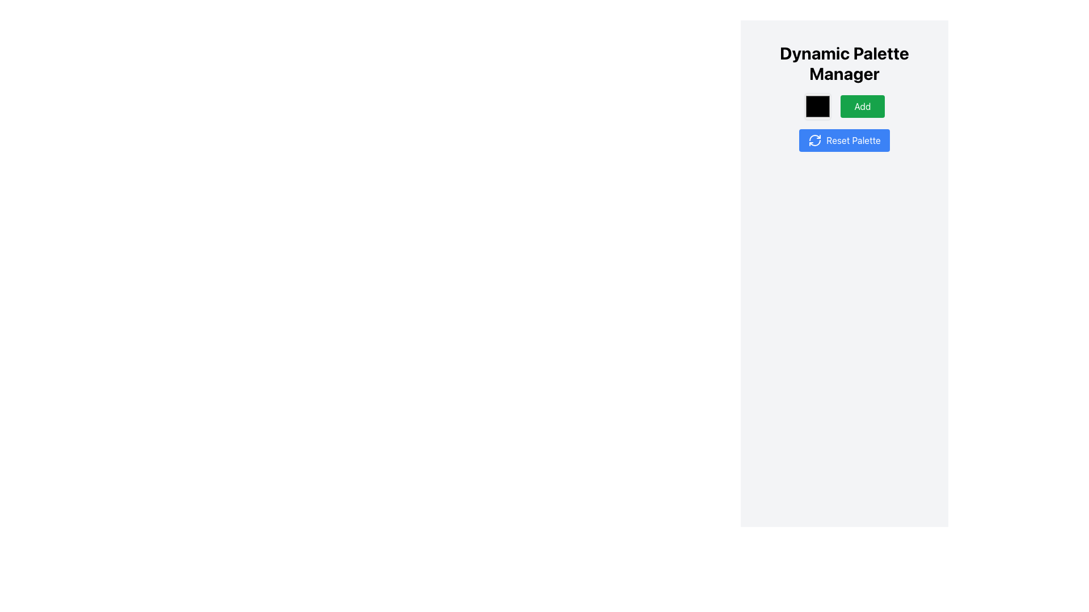 This screenshot has width=1089, height=612. What do you see at coordinates (818, 107) in the screenshot?
I see `the Color Picker component located under the 'Dynamic Palette Manager' title` at bounding box center [818, 107].